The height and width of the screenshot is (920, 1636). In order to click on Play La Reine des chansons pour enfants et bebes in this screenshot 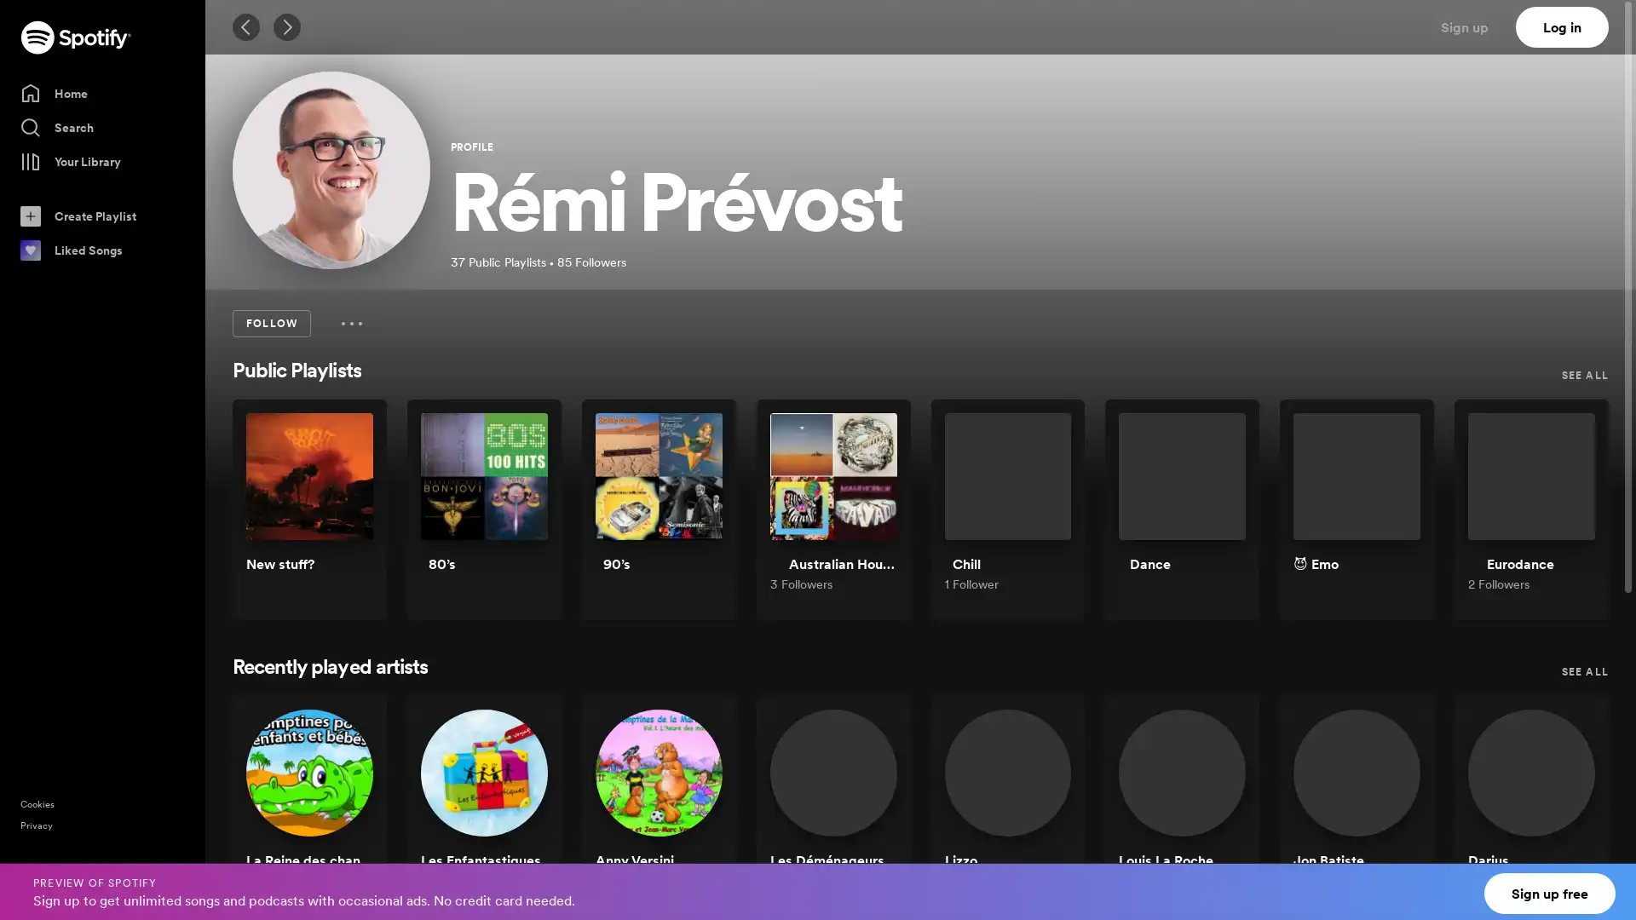, I will do `click(343, 814)`.